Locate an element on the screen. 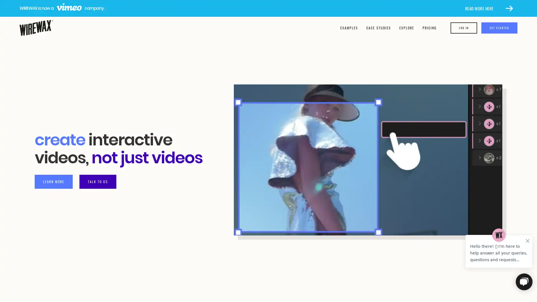 This screenshot has width=537, height=302. LEARN MORE is located at coordinates (54, 181).